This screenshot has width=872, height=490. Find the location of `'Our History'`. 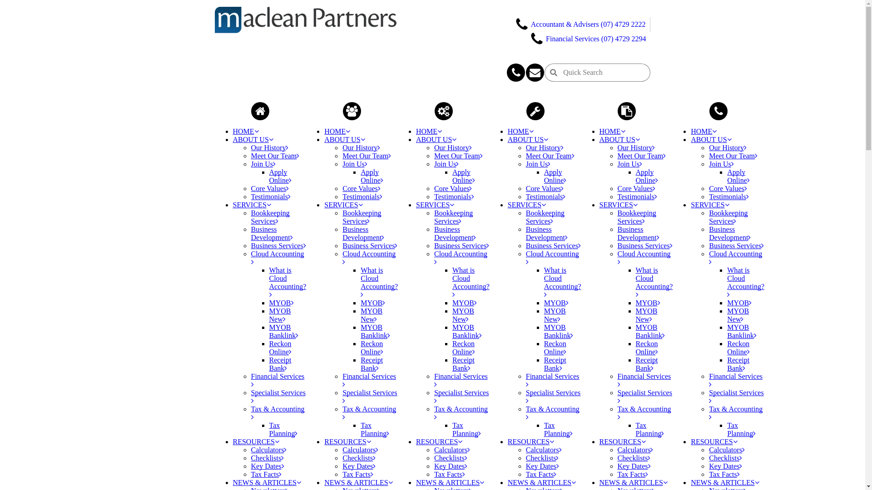

'Our History' is located at coordinates (728, 147).